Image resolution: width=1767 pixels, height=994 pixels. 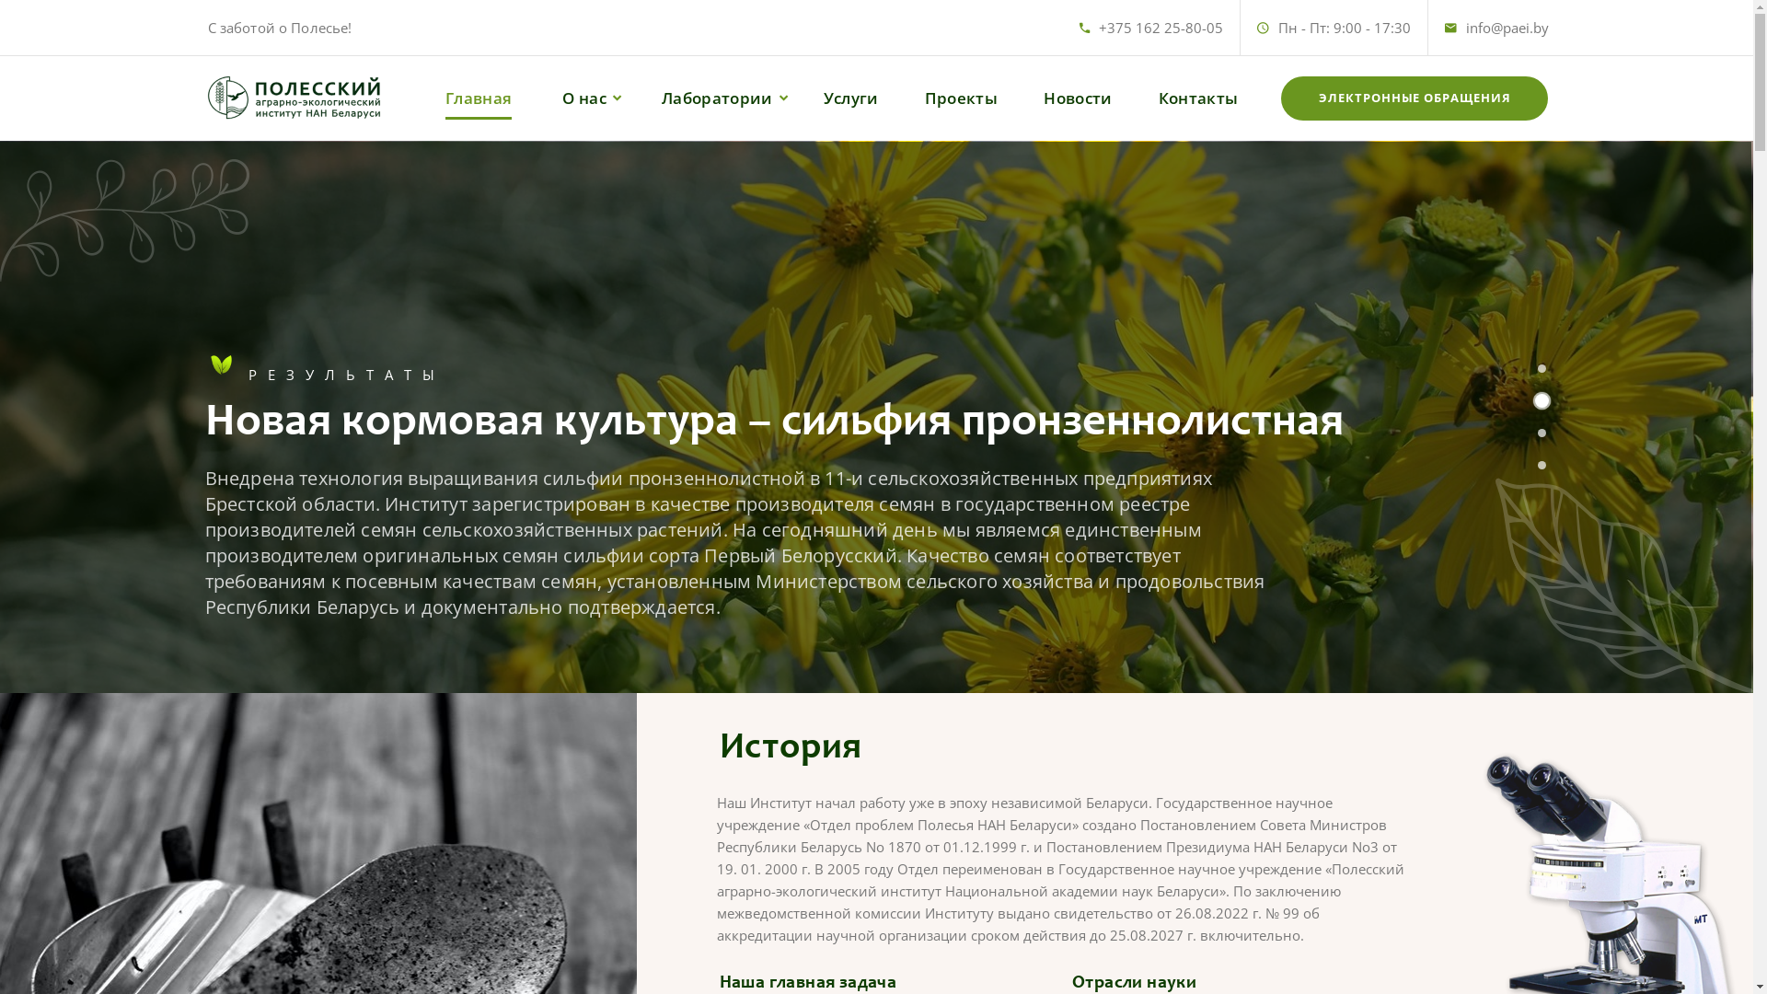 I want to click on '+375 162 25-80-05', so click(x=1160, y=28).